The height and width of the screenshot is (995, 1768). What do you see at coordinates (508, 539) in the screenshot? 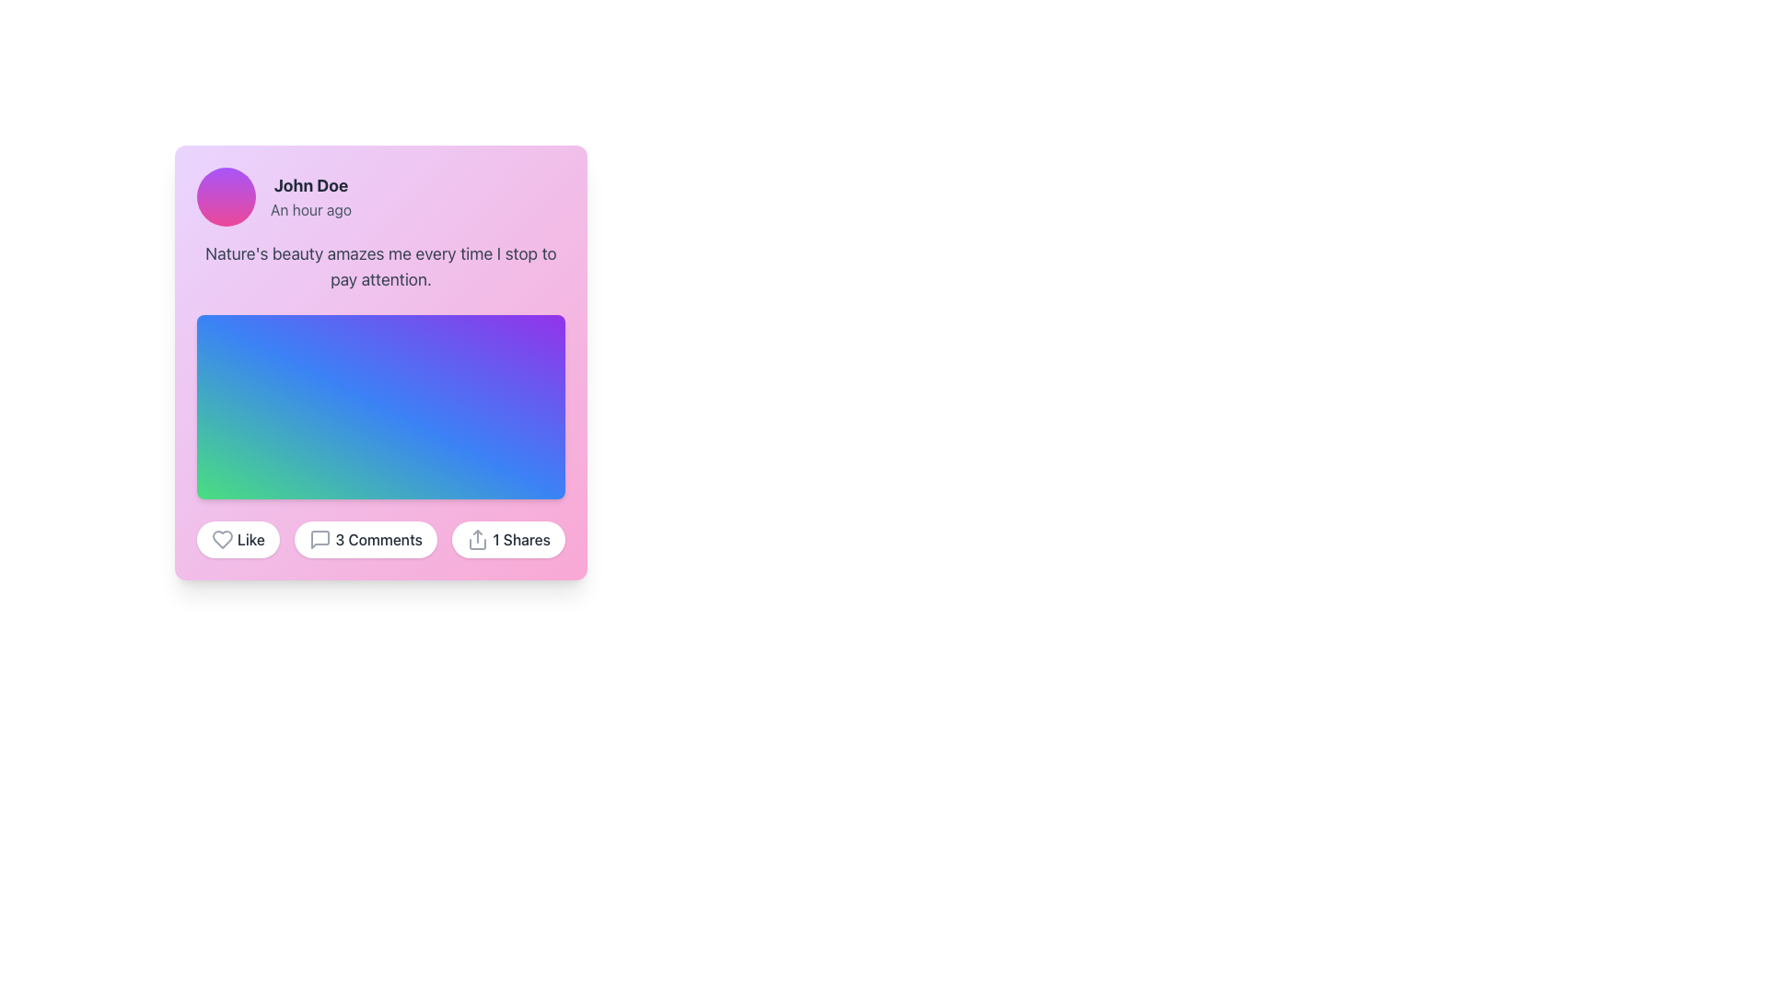
I see `the share button located at the bottom right of the card, which is the last button in a horizontal layout of three buttons` at bounding box center [508, 539].